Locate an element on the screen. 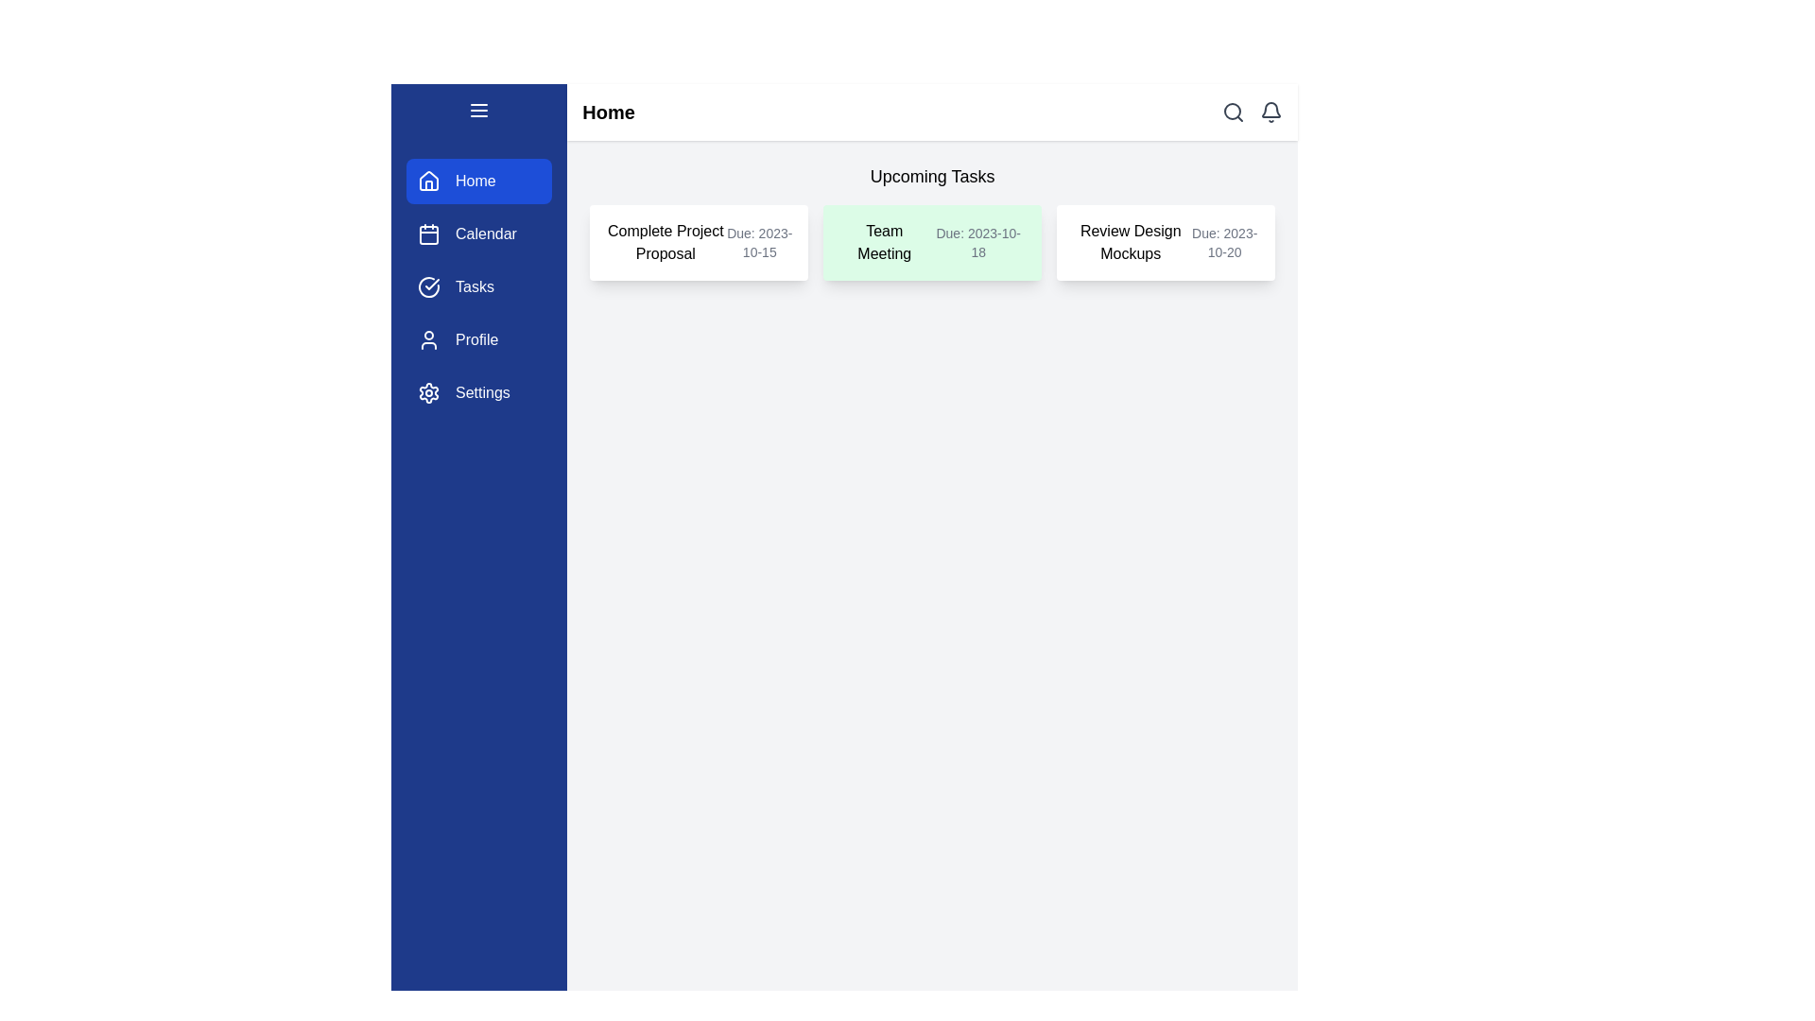  the 'Profile' menu icon located in the side navigation bar, positioned below the 'Tasks' menu option and above the 'Settings' menu option is located at coordinates (428, 338).